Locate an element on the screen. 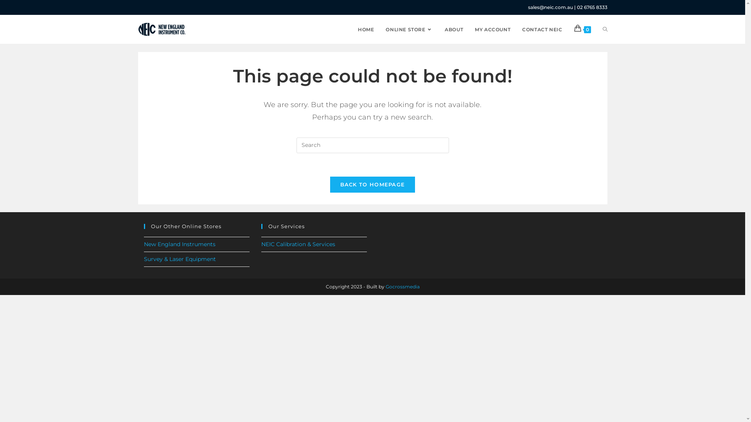 The height and width of the screenshot is (422, 751). '0' is located at coordinates (582, 29).